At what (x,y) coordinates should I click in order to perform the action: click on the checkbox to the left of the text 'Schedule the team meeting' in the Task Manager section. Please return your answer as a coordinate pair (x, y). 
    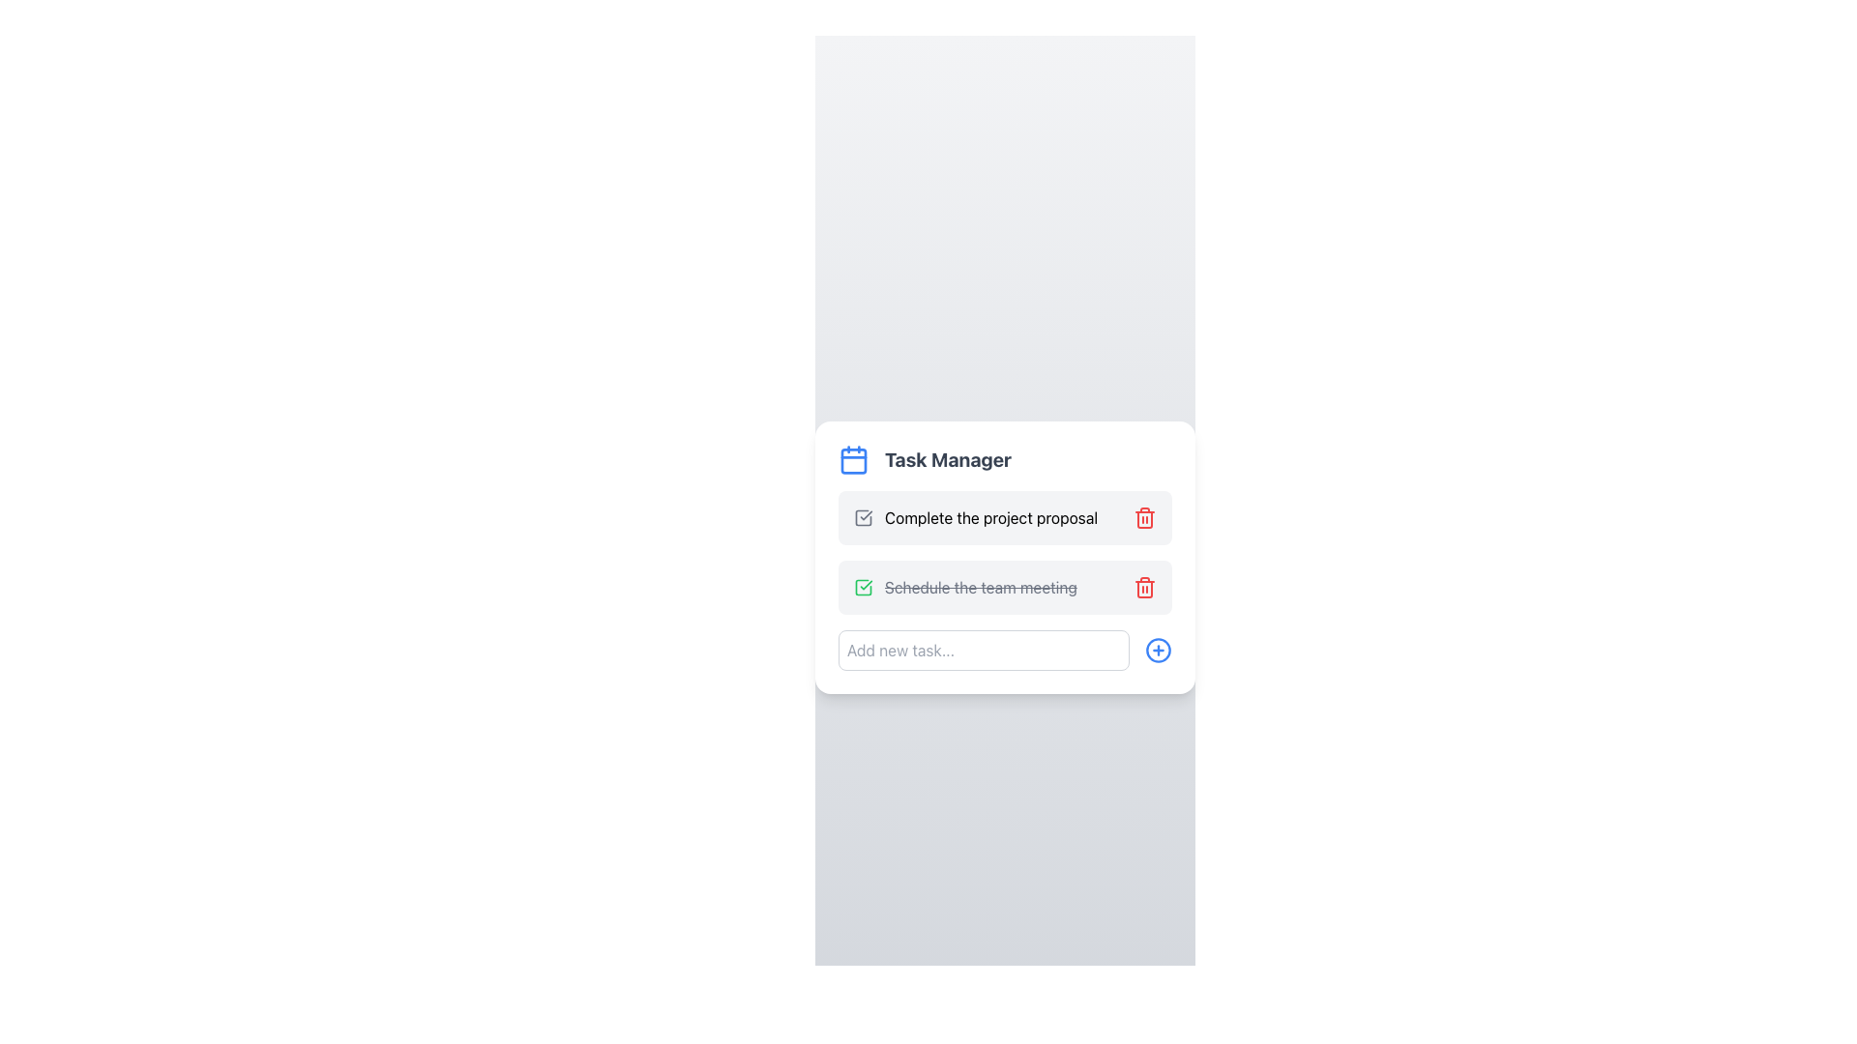
    Looking at the image, I should click on (862, 587).